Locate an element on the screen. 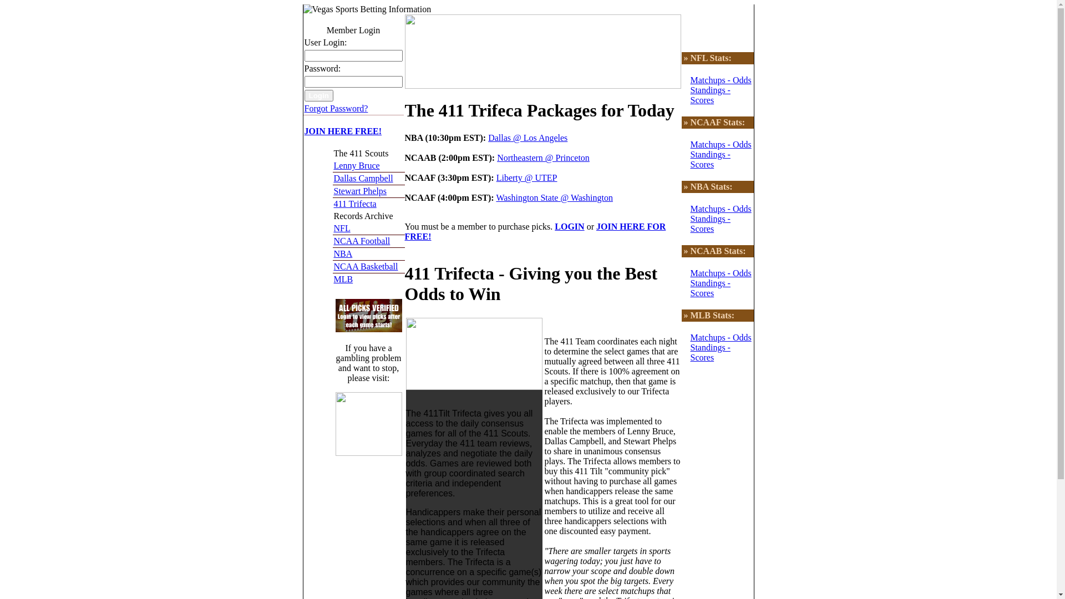  'JOIN HERE FOR FREE!' is located at coordinates (535, 231).